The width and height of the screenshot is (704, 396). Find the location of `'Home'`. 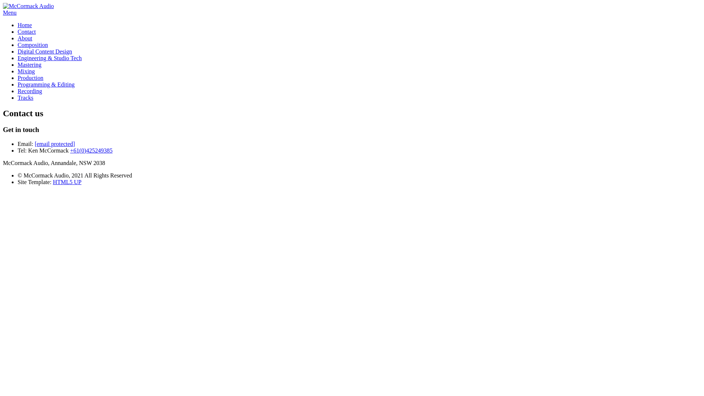

'Home' is located at coordinates (25, 25).